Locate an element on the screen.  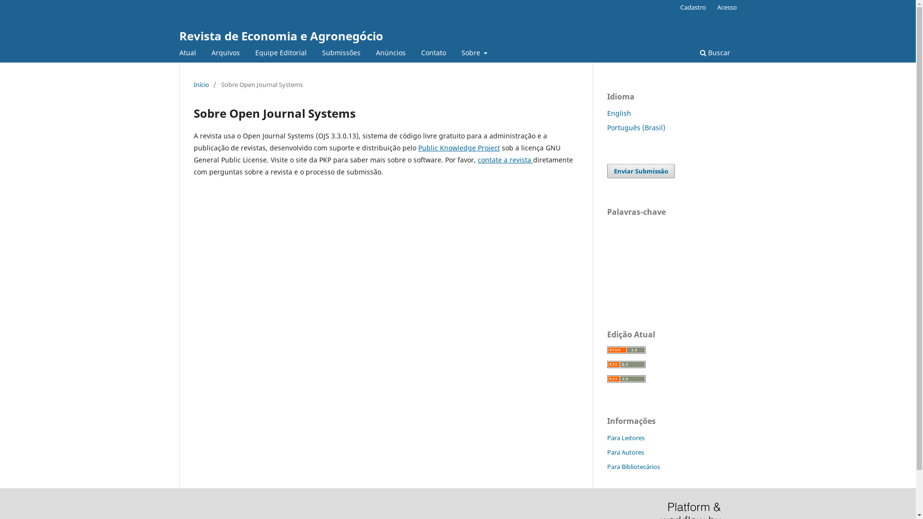
'Equipe Editorial' is located at coordinates (280, 54).